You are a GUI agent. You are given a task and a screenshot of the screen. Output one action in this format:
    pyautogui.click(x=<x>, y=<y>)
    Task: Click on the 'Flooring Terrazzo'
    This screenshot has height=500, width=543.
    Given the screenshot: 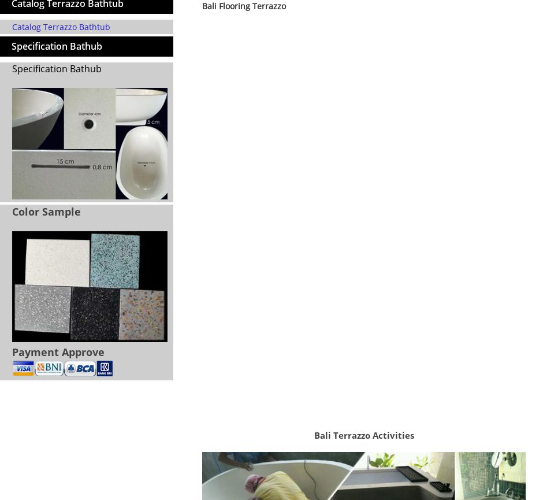 What is the action you would take?
    pyautogui.click(x=232, y=399)
    